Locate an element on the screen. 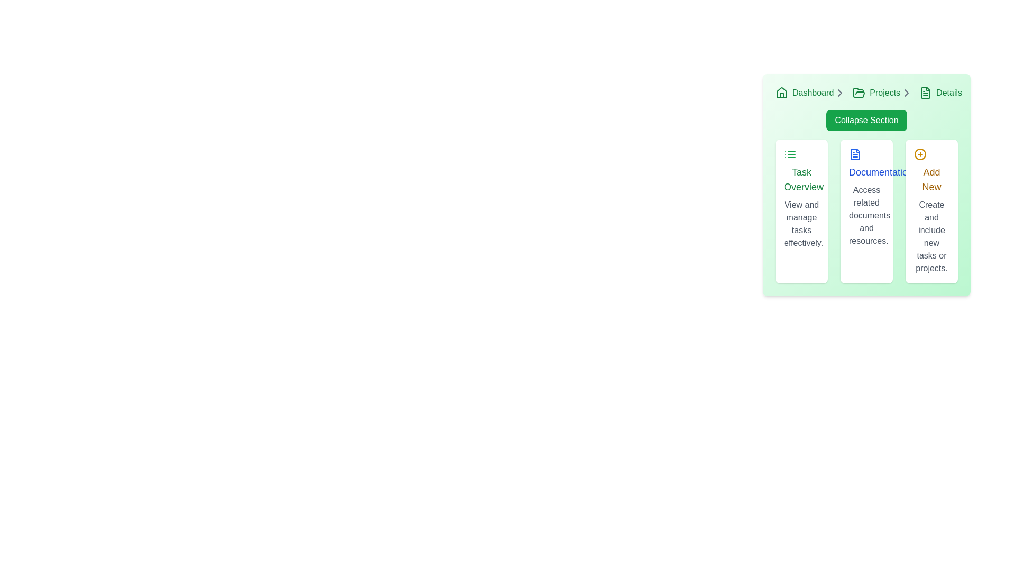 Image resolution: width=1015 pixels, height=571 pixels. the visually emphasized green button labeled 'Collapse Section' is located at coordinates (866, 119).